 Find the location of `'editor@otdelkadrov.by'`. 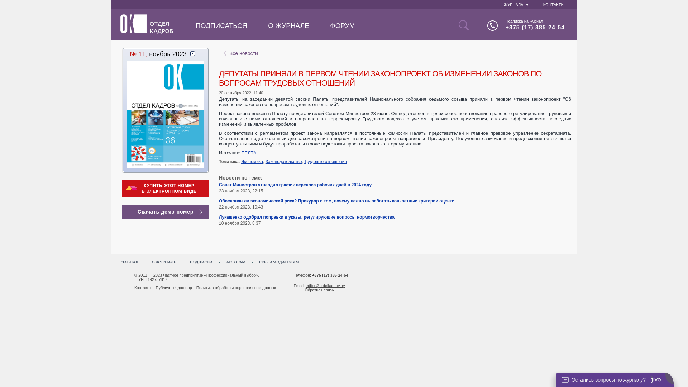

'editor@otdelkadrov.by' is located at coordinates (325, 285).